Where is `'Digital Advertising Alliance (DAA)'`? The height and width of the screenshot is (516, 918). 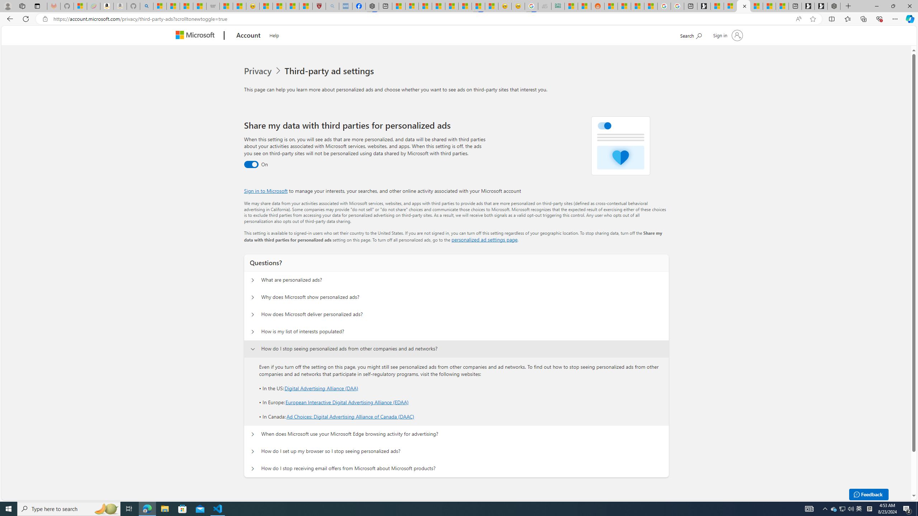 'Digital Advertising Alliance (DAA)' is located at coordinates (321, 387).